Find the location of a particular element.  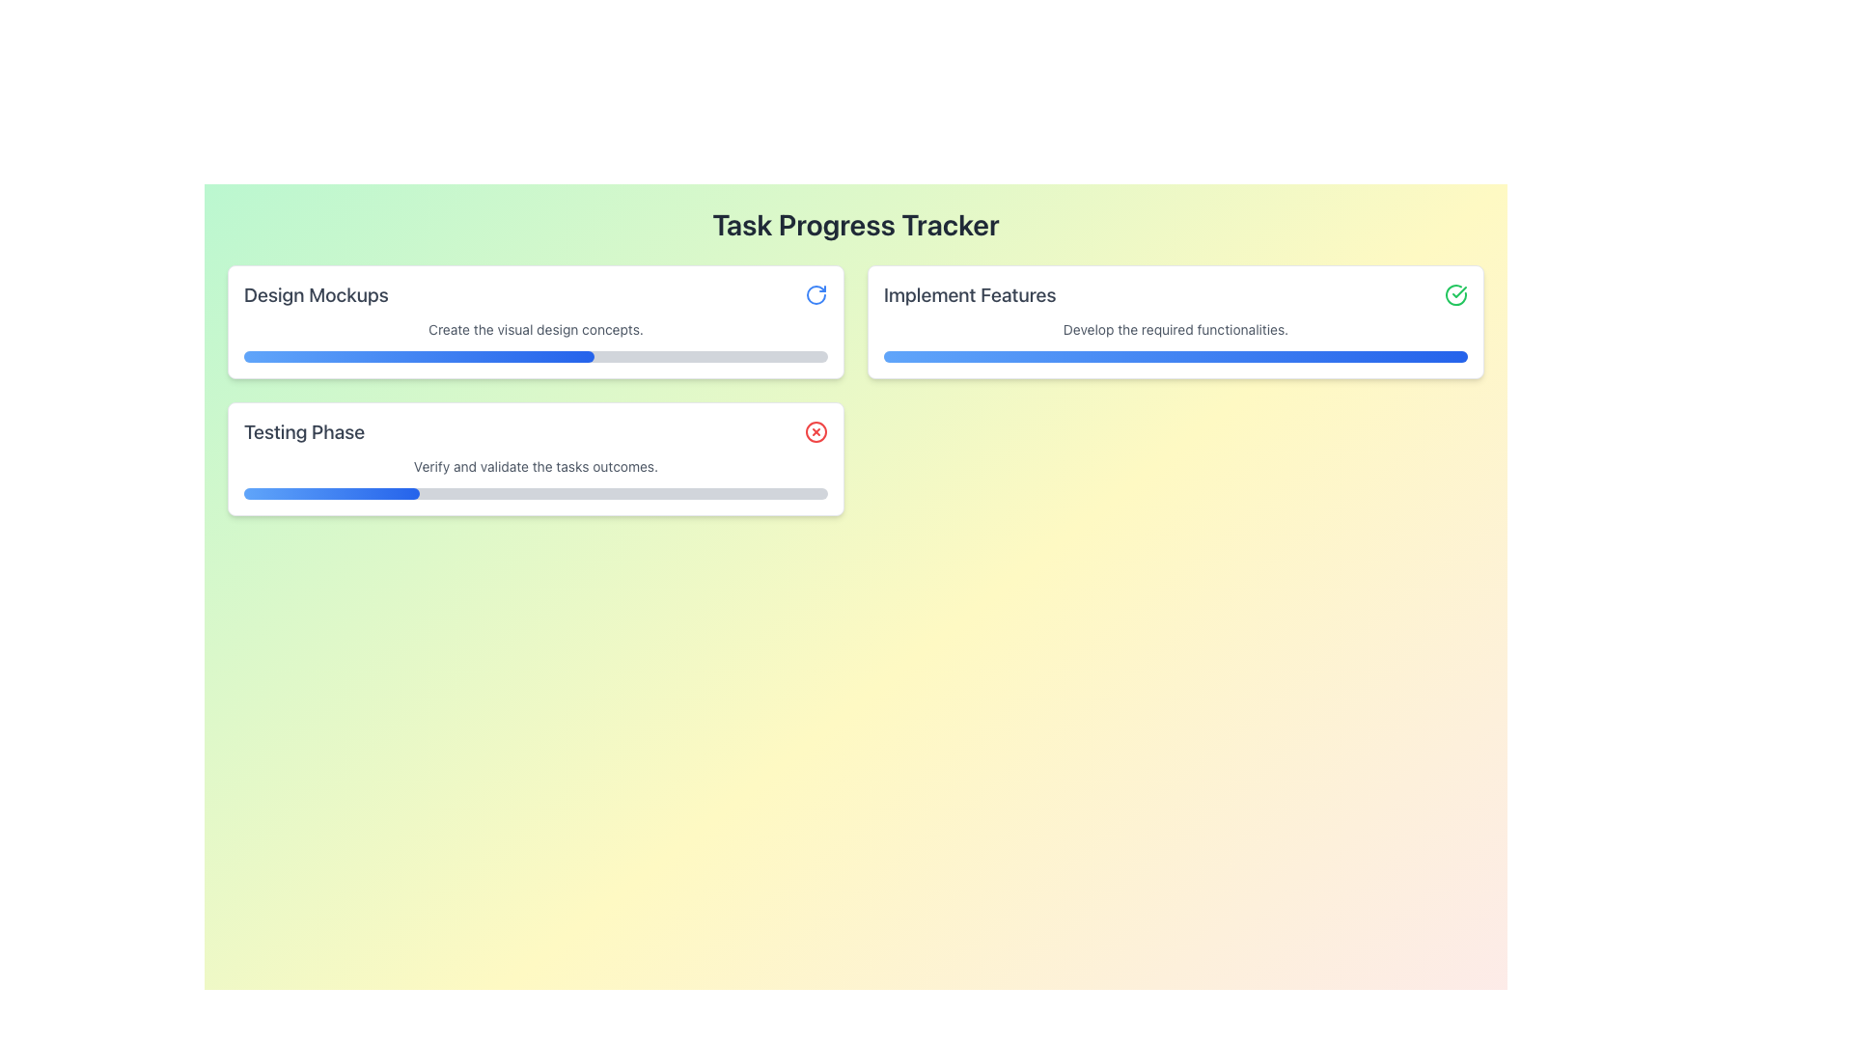

title 'Testing Phase' and the description 'Verify and validate the tasks outcomes.' from the Task Card, which is a rectangular card with a white background and rounded edges located in the bottom-left corner of the grid layout is located at coordinates (536, 458).